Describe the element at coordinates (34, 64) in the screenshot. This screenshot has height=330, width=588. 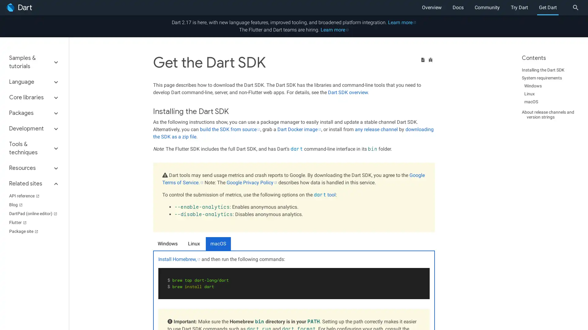
I see `Samples & tutorials keyboard_arrow_down` at that location.